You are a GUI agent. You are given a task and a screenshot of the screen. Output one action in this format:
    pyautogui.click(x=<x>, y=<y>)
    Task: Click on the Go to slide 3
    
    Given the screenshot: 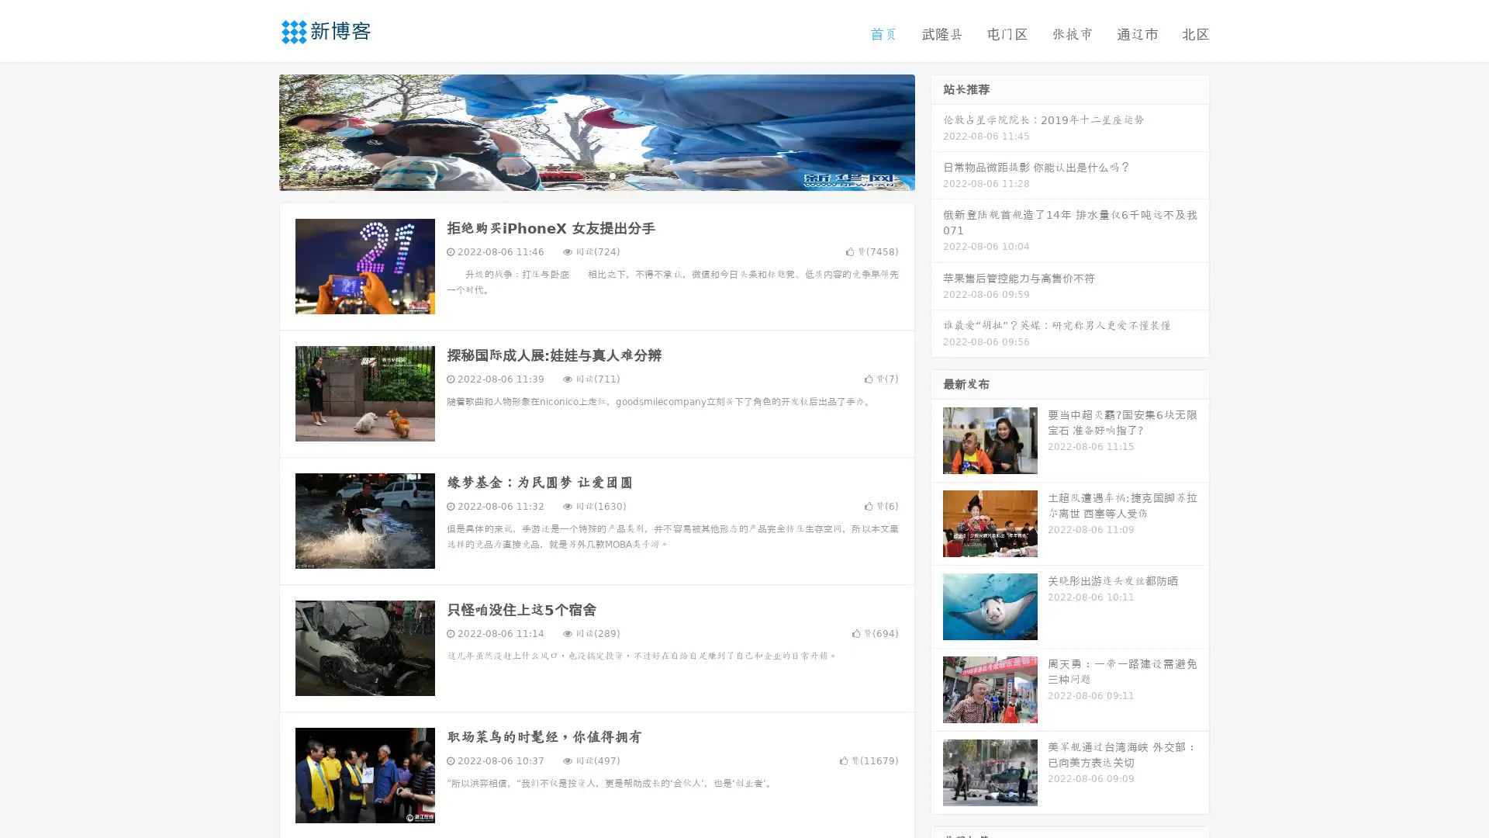 What is the action you would take?
    pyautogui.click(x=612, y=175)
    